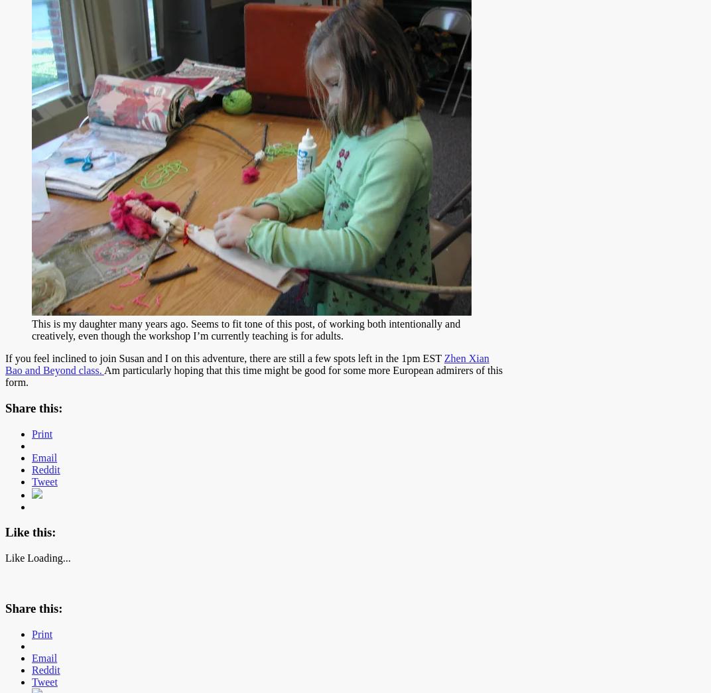 This screenshot has width=711, height=693. I want to click on 'Zhen Xian Bao and Beyond class.', so click(247, 364).